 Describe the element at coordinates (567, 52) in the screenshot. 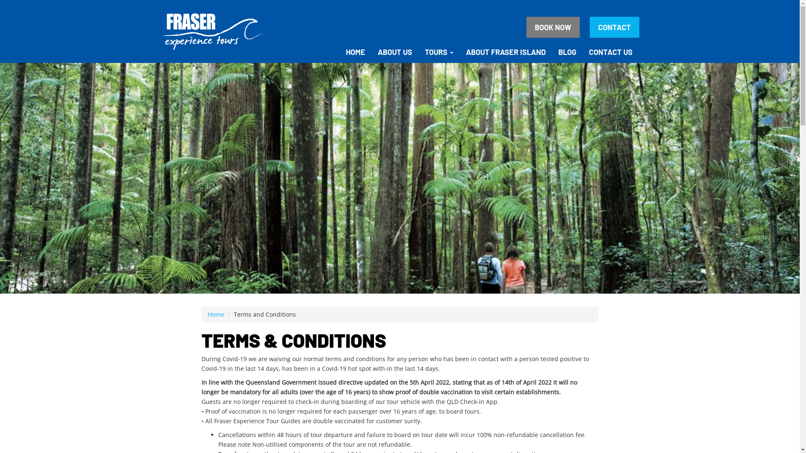

I see `'BLOG'` at that location.